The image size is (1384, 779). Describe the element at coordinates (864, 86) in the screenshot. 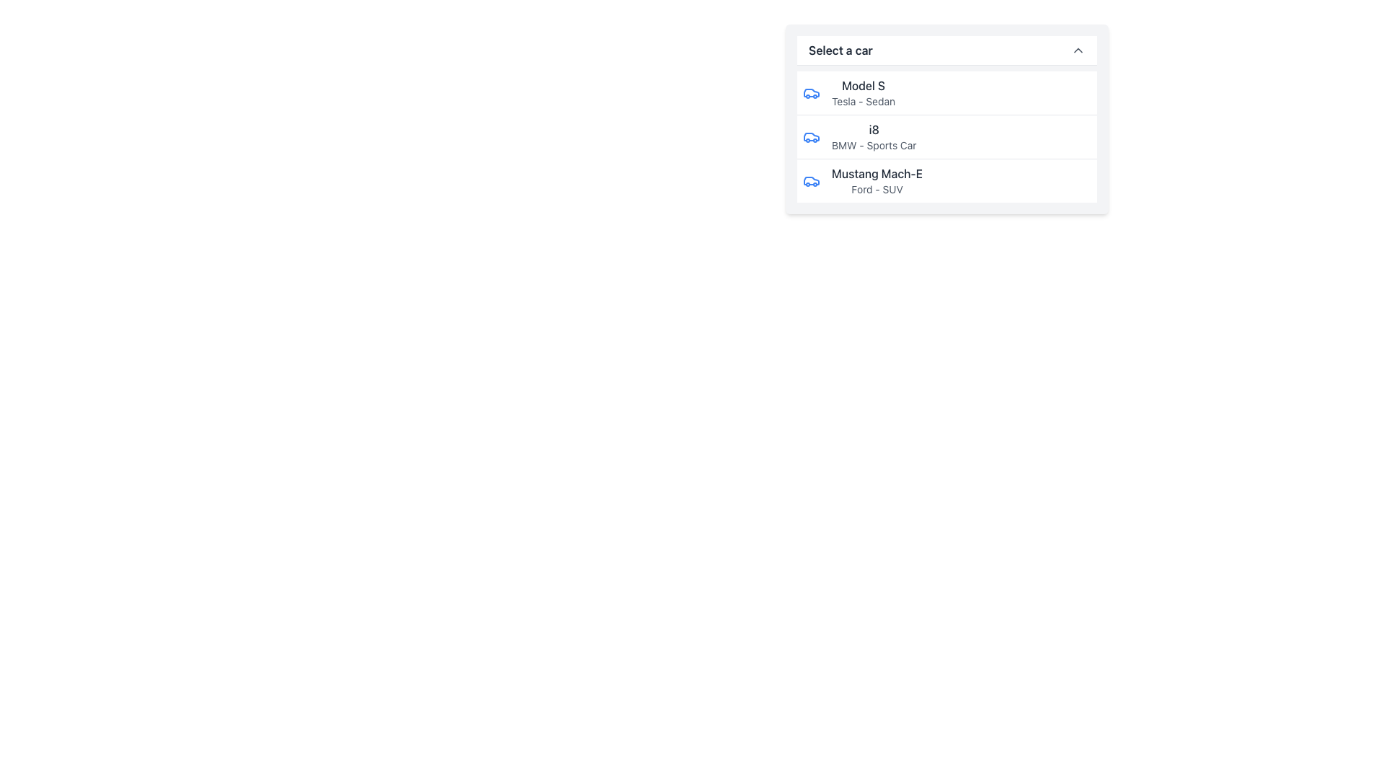

I see `the 'Model S' text label that identifies the car model within the dropdown interface` at that location.